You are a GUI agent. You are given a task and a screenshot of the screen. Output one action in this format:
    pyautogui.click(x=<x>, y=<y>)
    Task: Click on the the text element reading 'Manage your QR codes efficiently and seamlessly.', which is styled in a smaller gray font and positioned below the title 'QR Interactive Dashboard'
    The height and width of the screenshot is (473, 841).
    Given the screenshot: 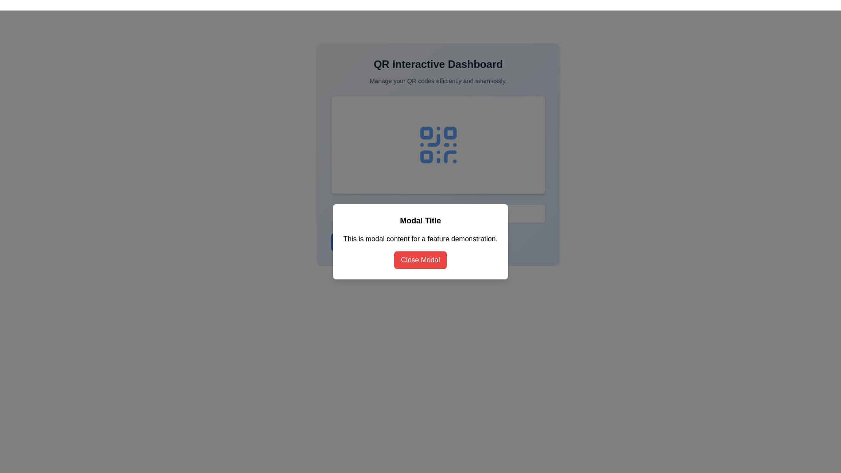 What is the action you would take?
    pyautogui.click(x=438, y=81)
    